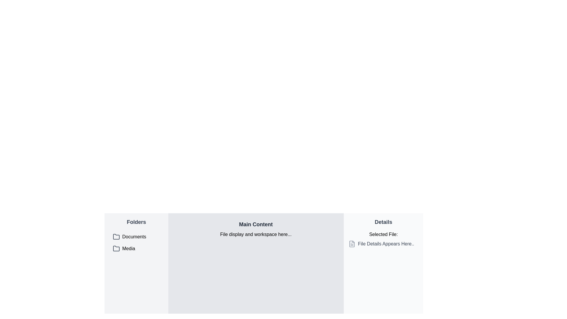 Image resolution: width=567 pixels, height=319 pixels. I want to click on the document icon element located in the 'Details' section, which is represented as a rectangle with a folded corner and is adjacent to the text 'Selected File:' and above 'File Details Appears Here..', so click(352, 244).